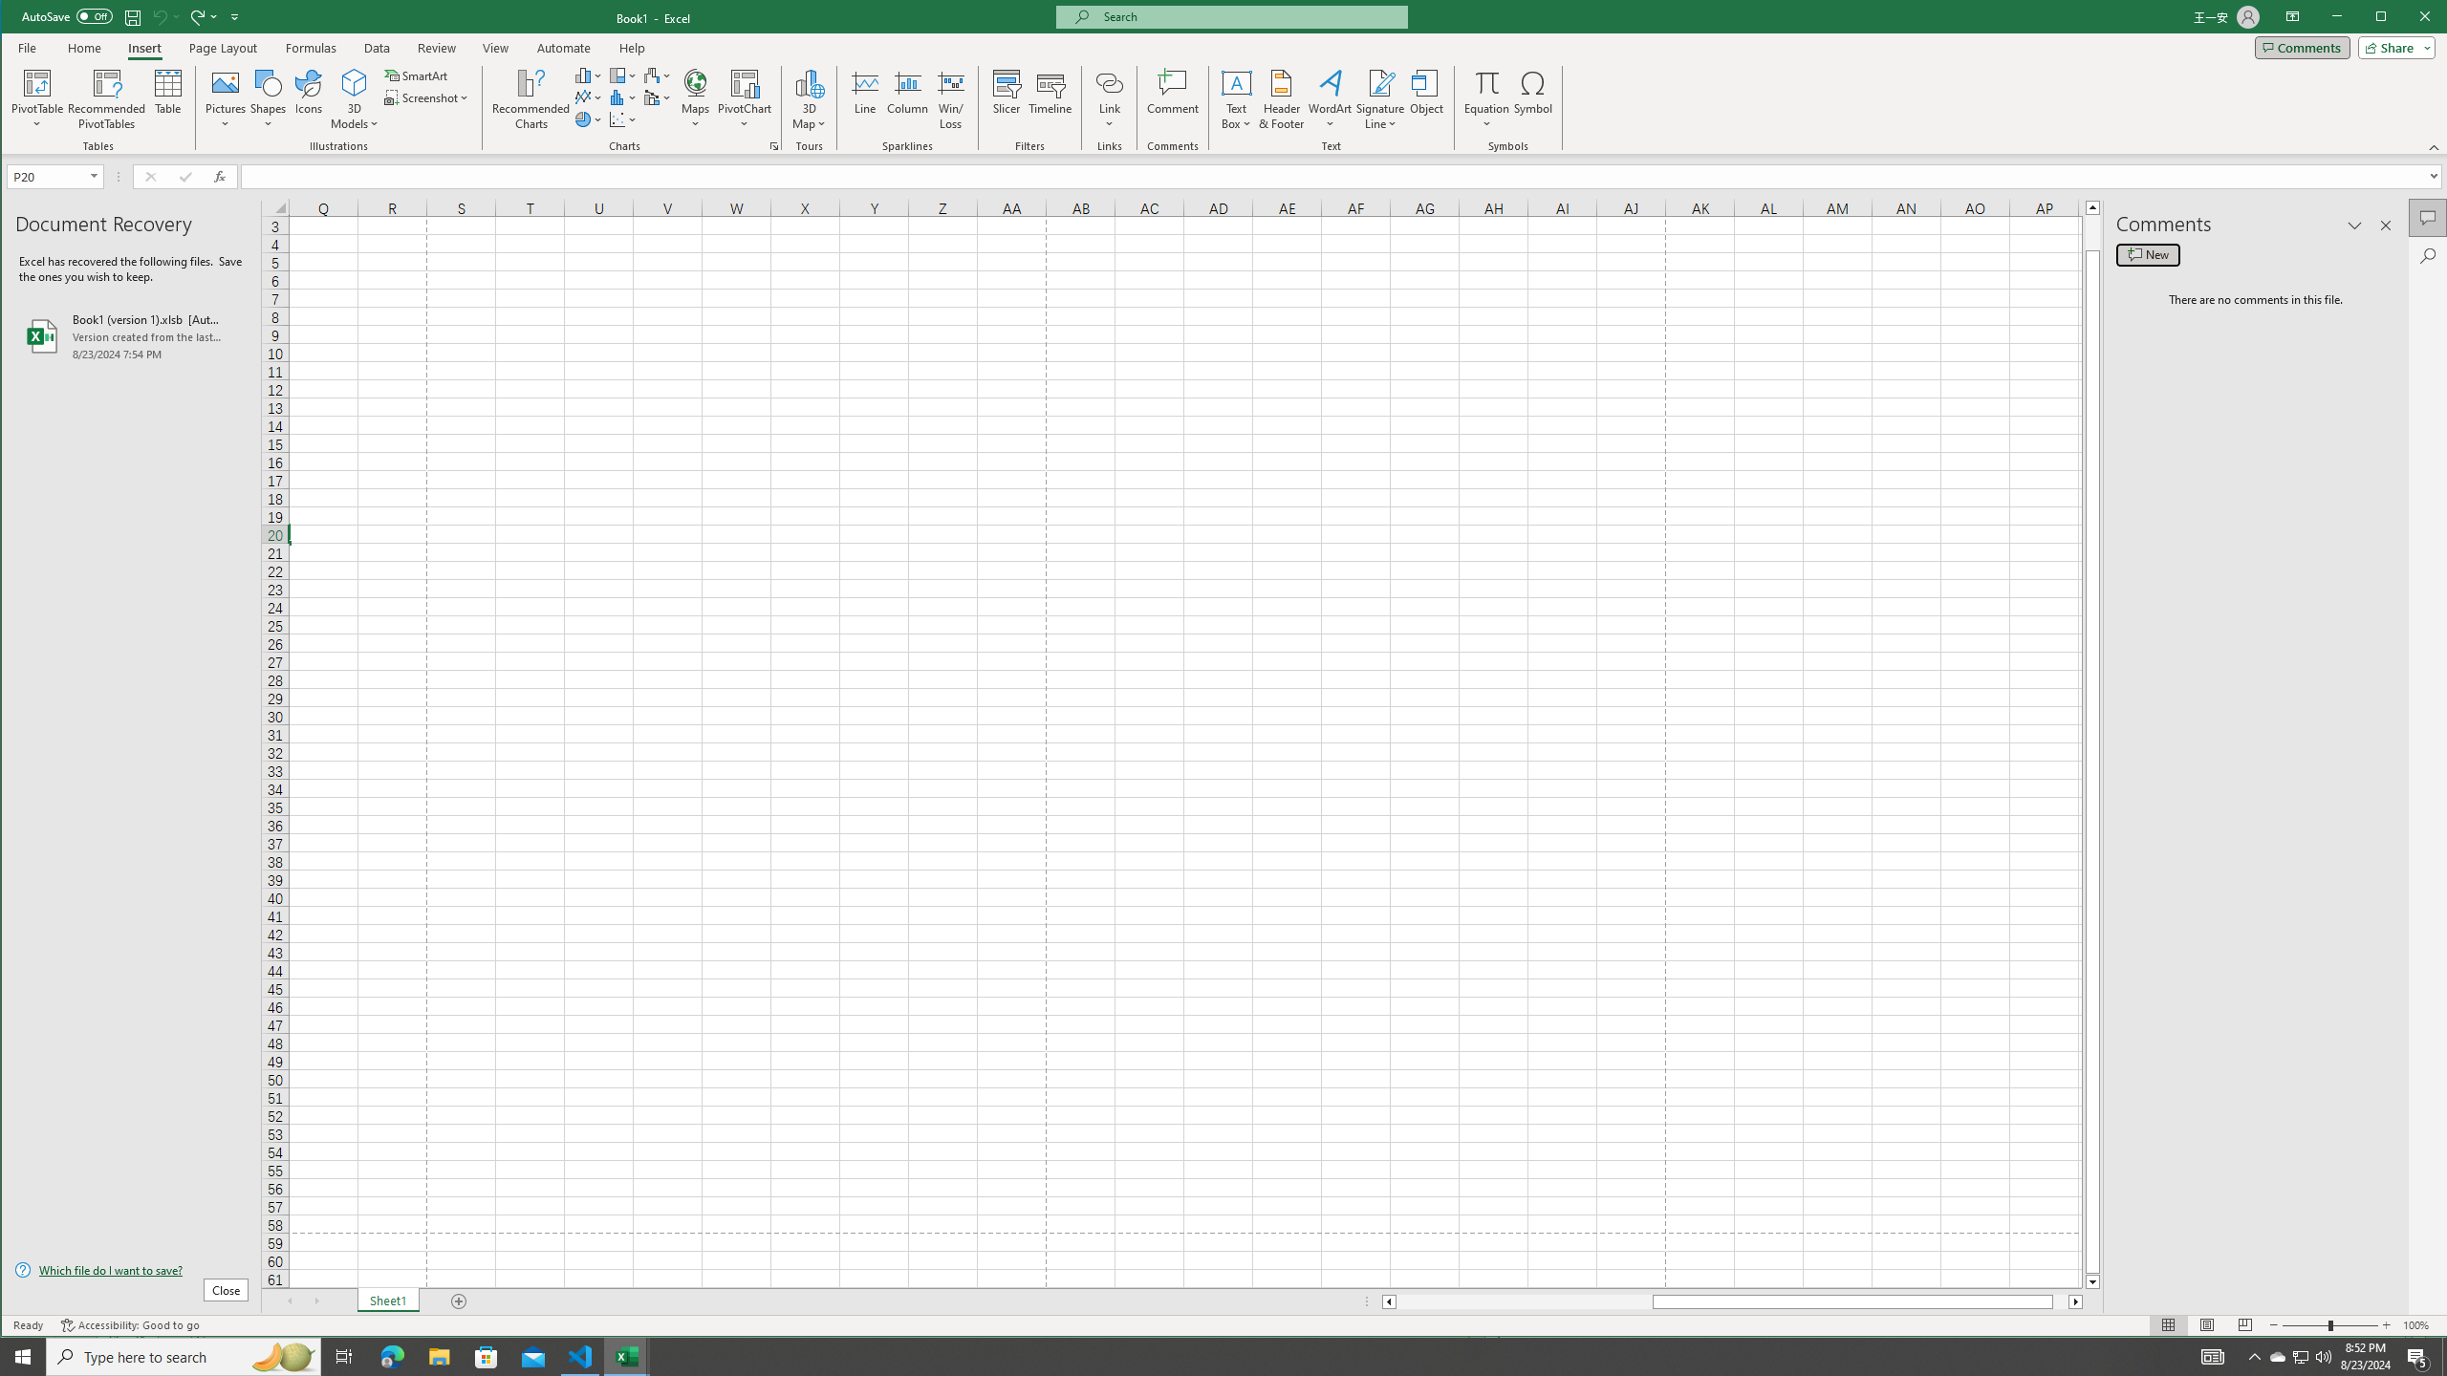  Describe the element at coordinates (36, 81) in the screenshot. I see `'PivotTable'` at that location.